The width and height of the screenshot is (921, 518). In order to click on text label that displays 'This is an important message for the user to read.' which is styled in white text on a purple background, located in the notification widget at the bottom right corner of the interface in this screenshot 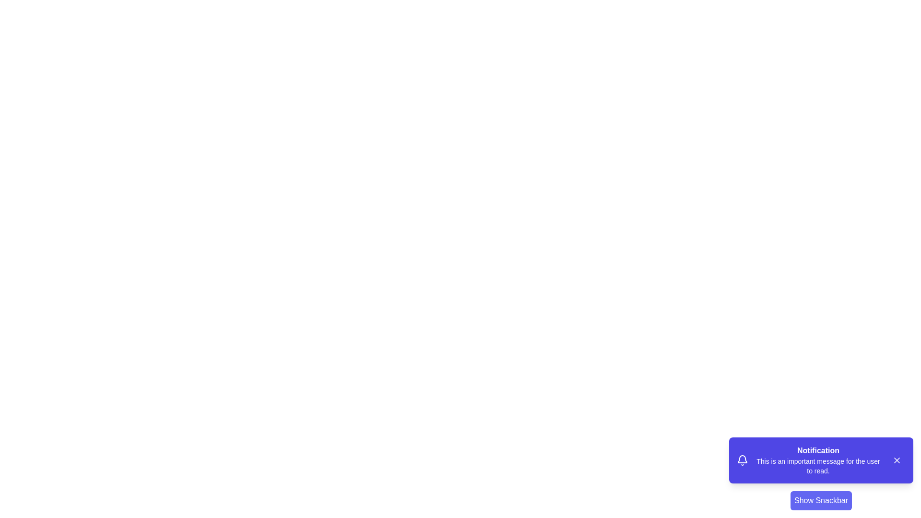, I will do `click(817, 466)`.